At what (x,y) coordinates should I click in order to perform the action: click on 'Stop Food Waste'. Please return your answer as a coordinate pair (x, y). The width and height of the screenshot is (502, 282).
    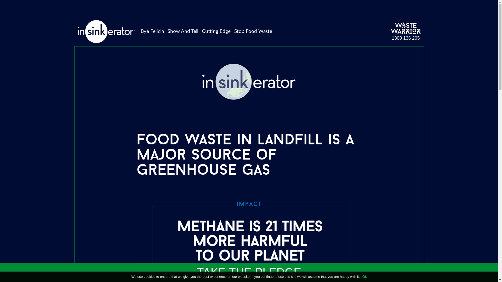
    Looking at the image, I should click on (232, 31).